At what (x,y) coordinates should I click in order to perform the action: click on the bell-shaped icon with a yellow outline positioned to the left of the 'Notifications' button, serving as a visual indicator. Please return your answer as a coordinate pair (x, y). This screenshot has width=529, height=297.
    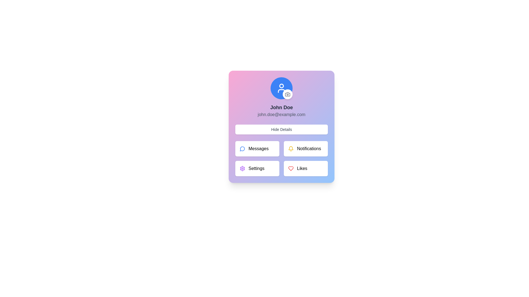
    Looking at the image, I should click on (291, 148).